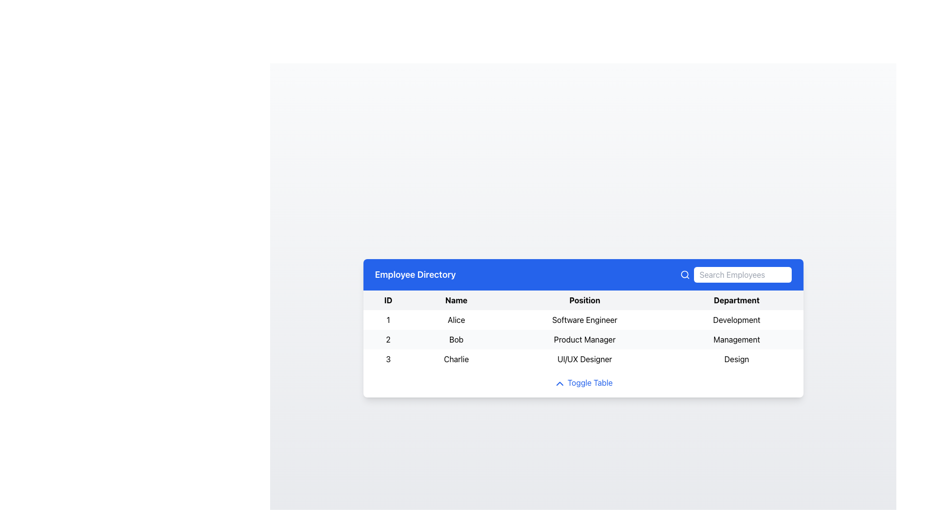  I want to click on text displayed in the Text label representing the individual "Bob" in the employee directory, located in the second cell of the "Name" column of the second row, so click(456, 339).